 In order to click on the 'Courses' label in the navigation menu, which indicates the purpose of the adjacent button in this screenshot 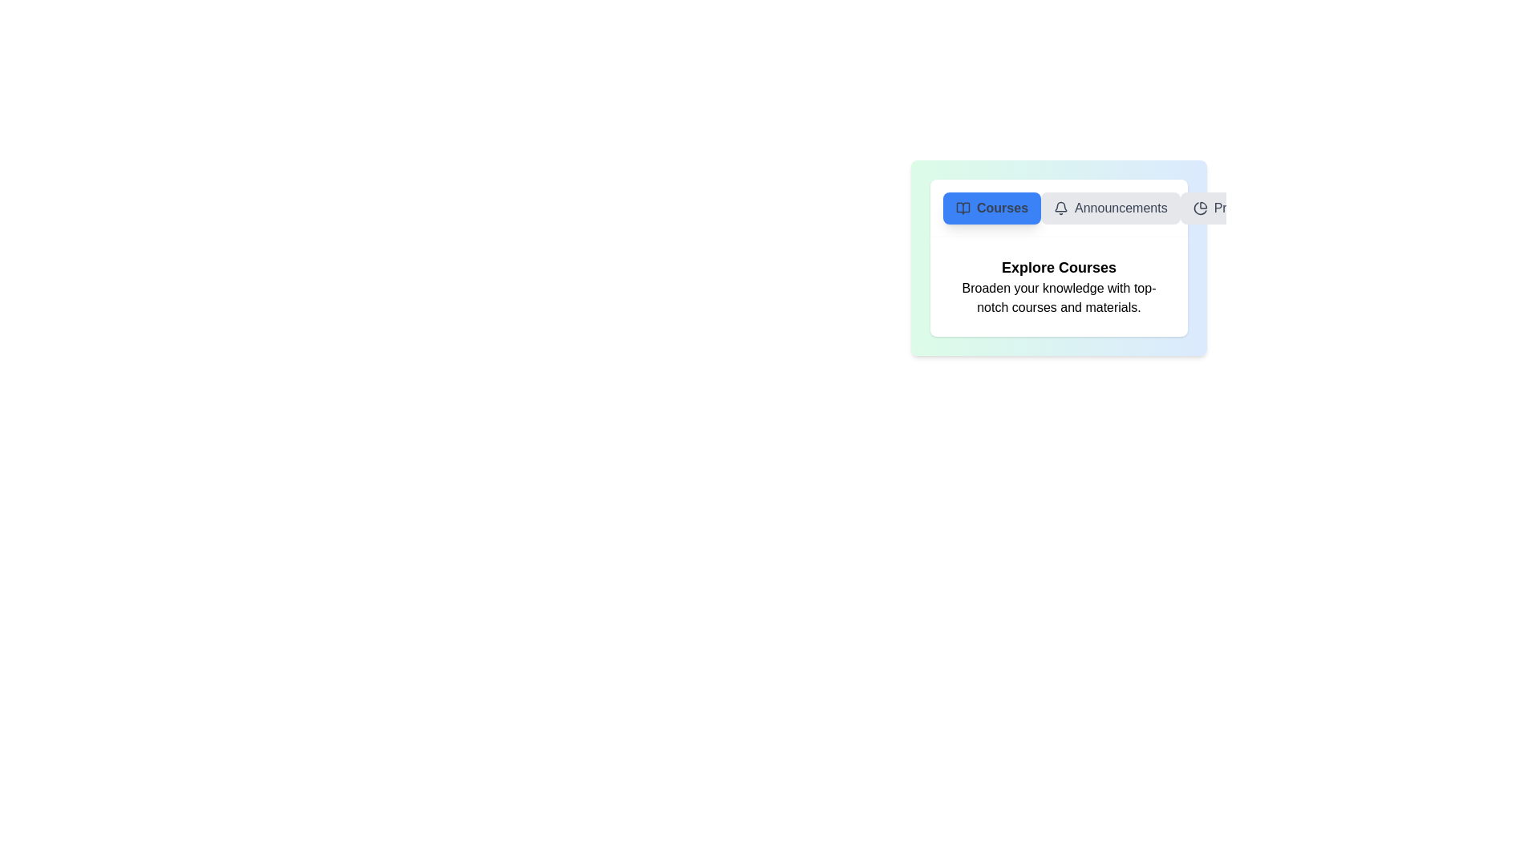, I will do `click(1002, 207)`.